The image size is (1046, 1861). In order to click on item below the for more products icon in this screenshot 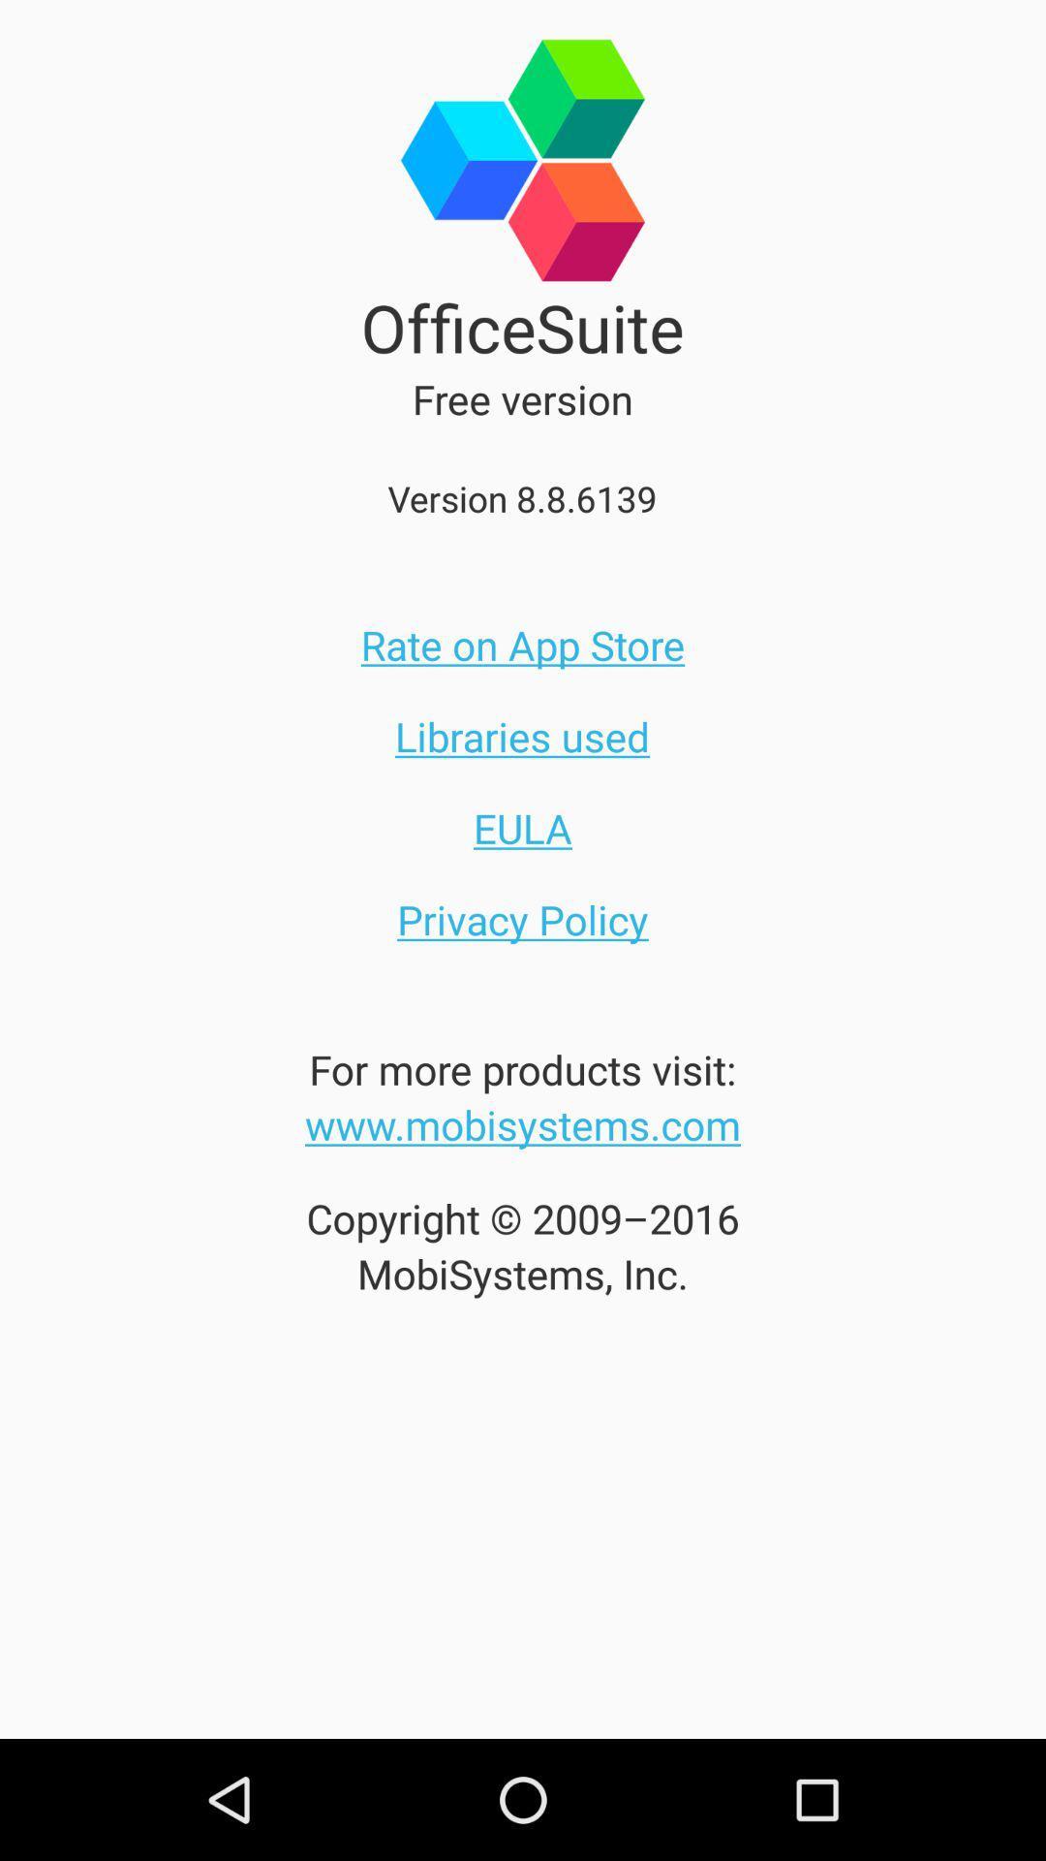, I will do `click(523, 1124)`.